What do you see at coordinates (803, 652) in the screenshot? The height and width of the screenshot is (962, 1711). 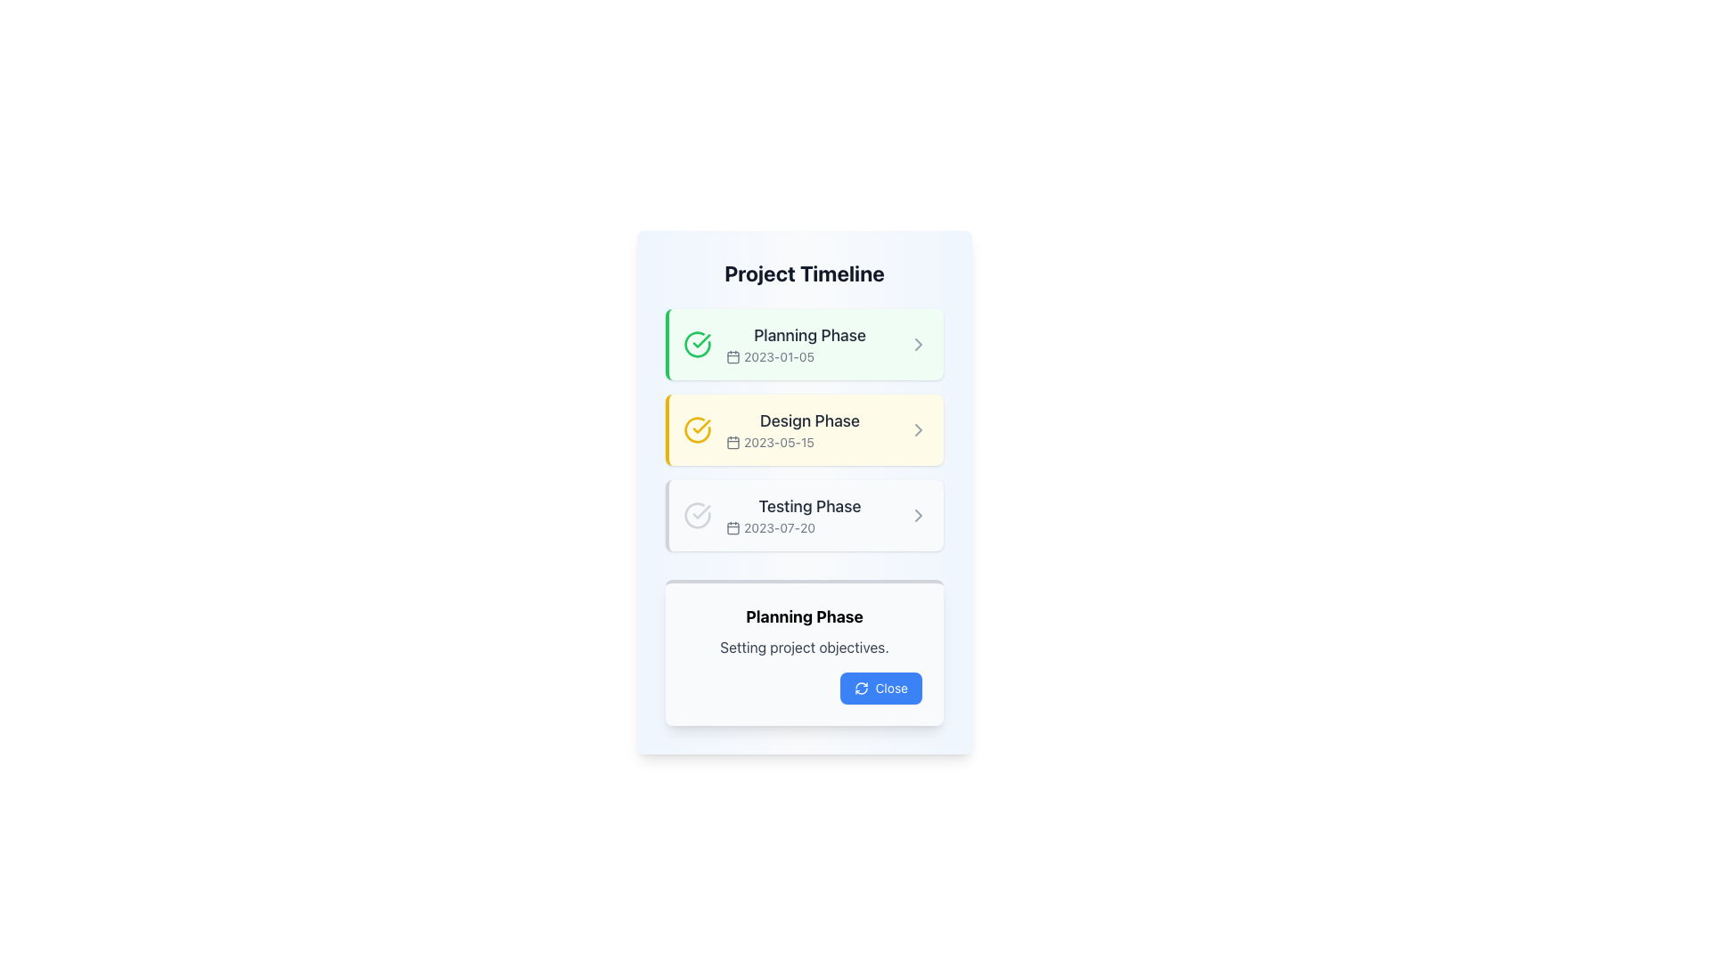 I see `text content of the 'Planning Phase' card located beneath the three colored project phase cards in the project timeline section` at bounding box center [803, 652].